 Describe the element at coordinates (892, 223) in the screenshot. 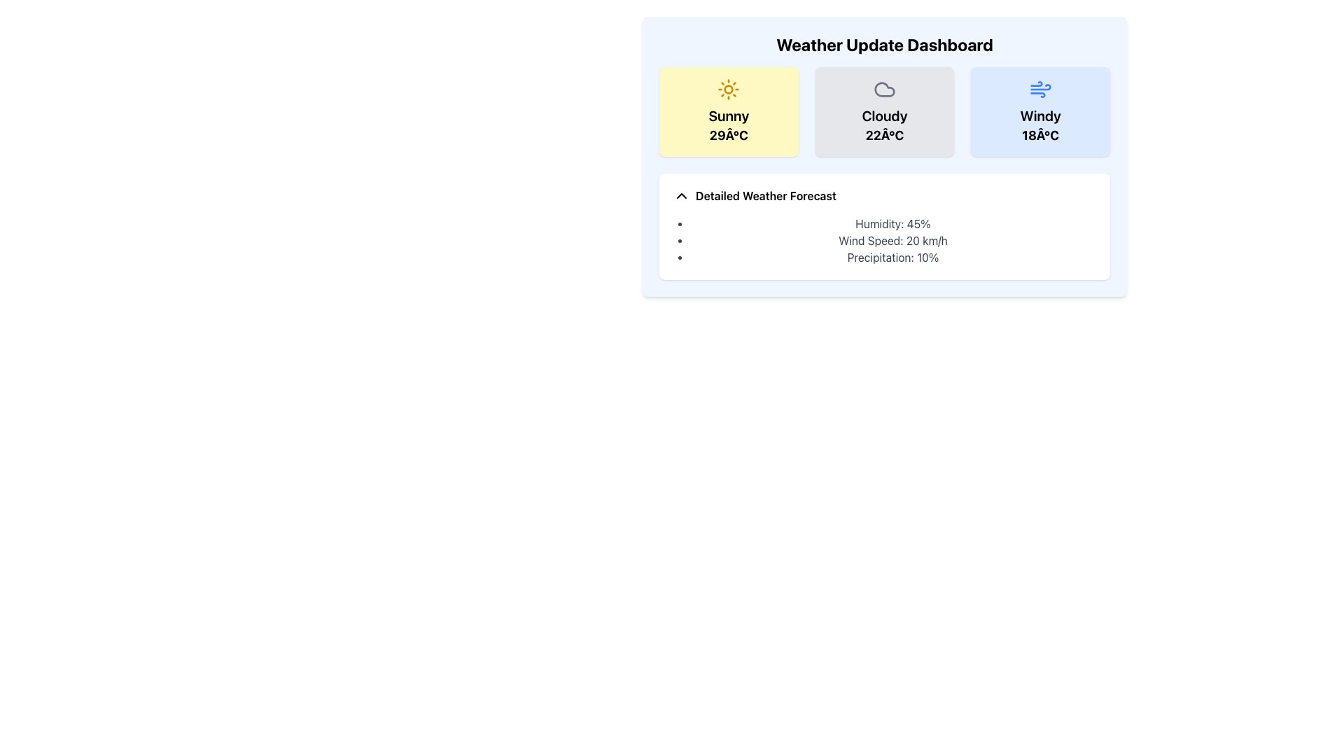

I see `'Humidity: 45%' text display element, which is the first item in the vertical list under the 'Detailed Weather Forecast' section` at that location.